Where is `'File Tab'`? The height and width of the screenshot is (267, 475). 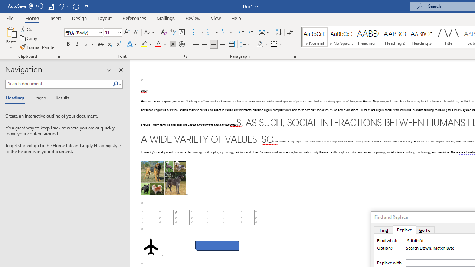
'File Tab' is located at coordinates (10, 17).